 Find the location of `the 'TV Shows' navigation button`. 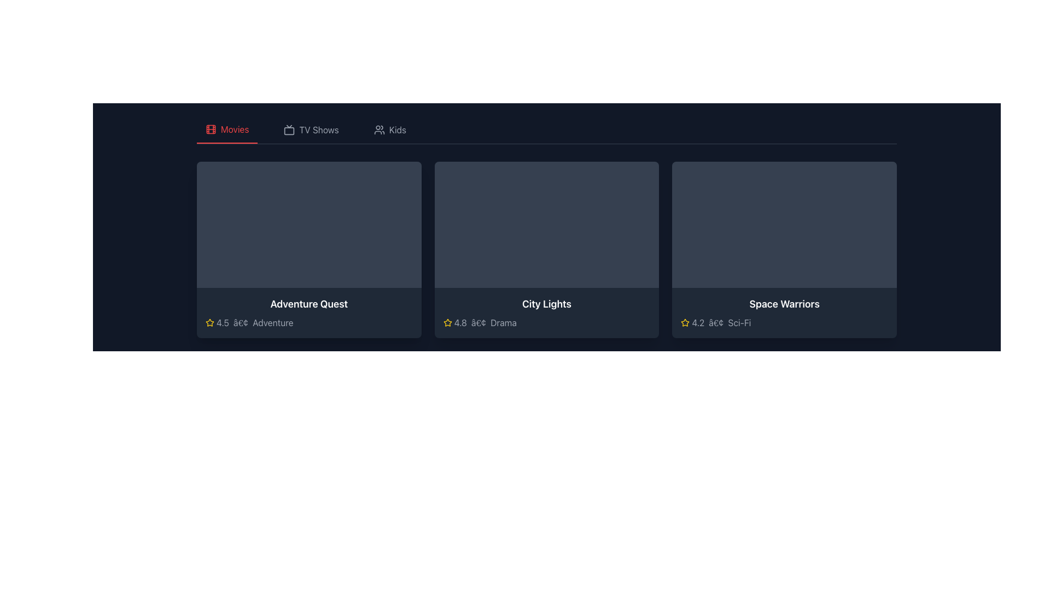

the 'TV Shows' navigation button is located at coordinates (311, 129).